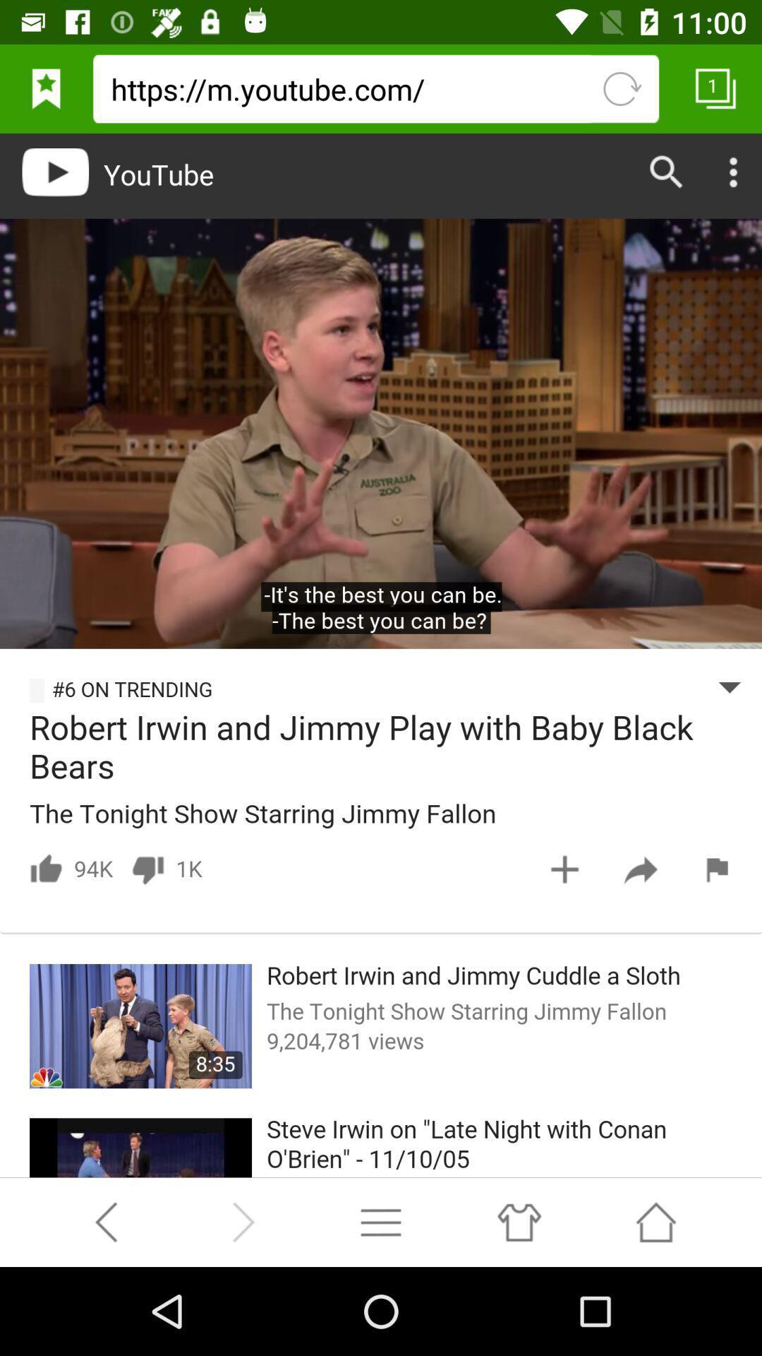  Describe the element at coordinates (381, 1307) in the screenshot. I see `the menu icon` at that location.